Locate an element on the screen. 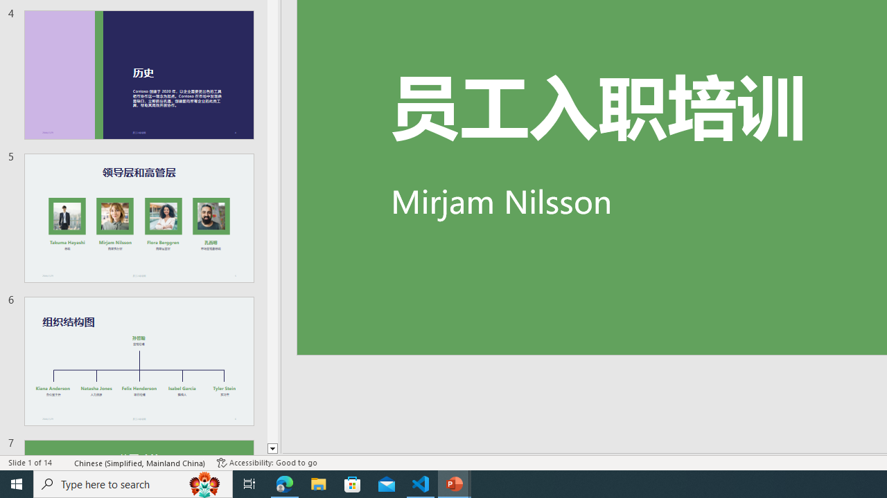 This screenshot has width=887, height=498. 'Search highlights icon opens search home window' is located at coordinates (204, 483).